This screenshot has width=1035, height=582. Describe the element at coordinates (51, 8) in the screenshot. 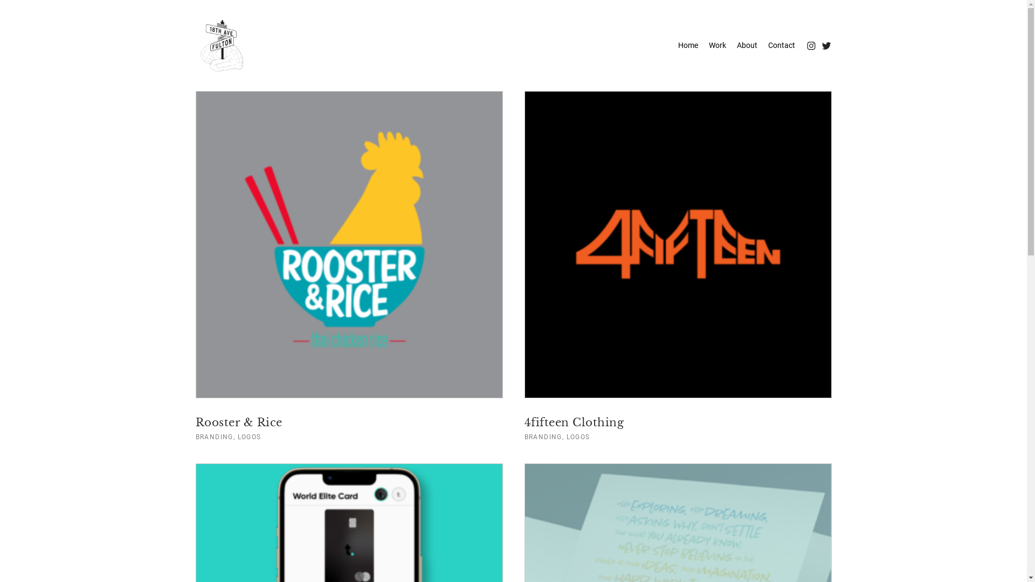

I see `'Skip to content'` at that location.